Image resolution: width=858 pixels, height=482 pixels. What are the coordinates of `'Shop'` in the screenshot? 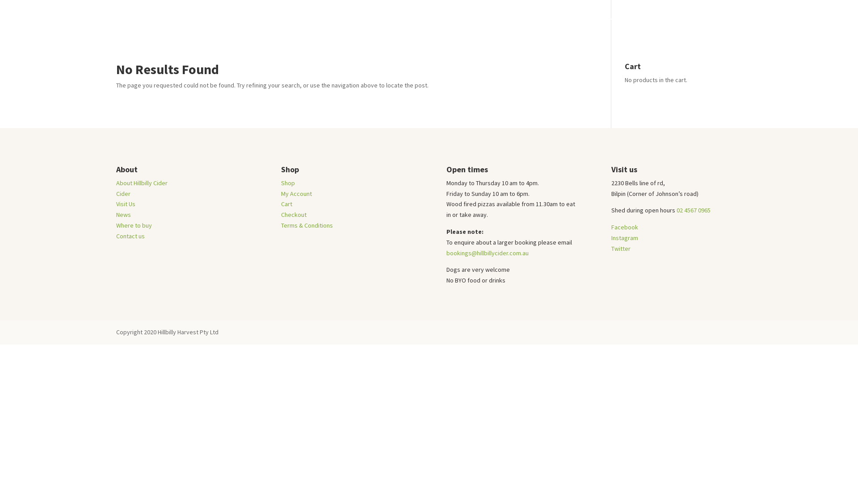 It's located at (513, 25).